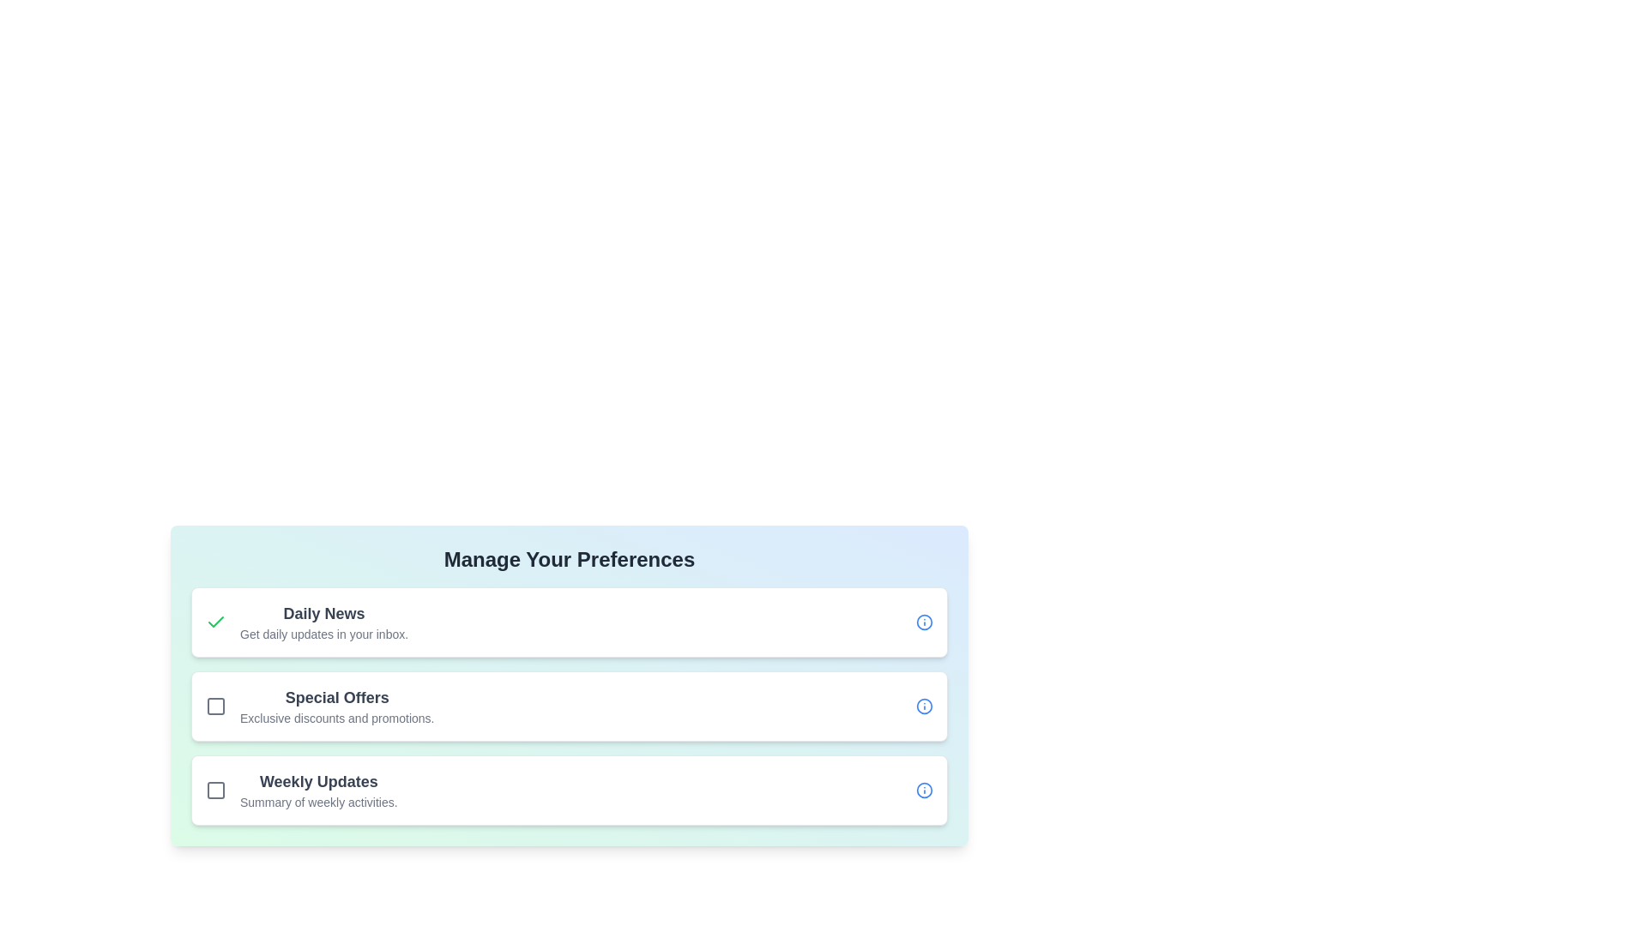 Image resolution: width=1647 pixels, height=926 pixels. I want to click on the green checkmark icon, so click(215, 622).